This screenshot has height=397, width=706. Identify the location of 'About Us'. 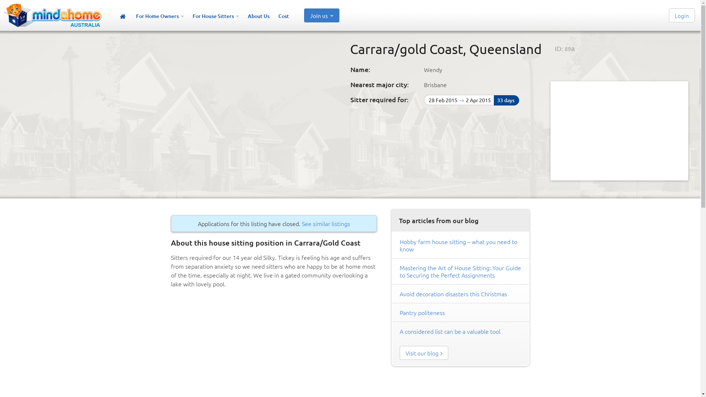
(258, 17).